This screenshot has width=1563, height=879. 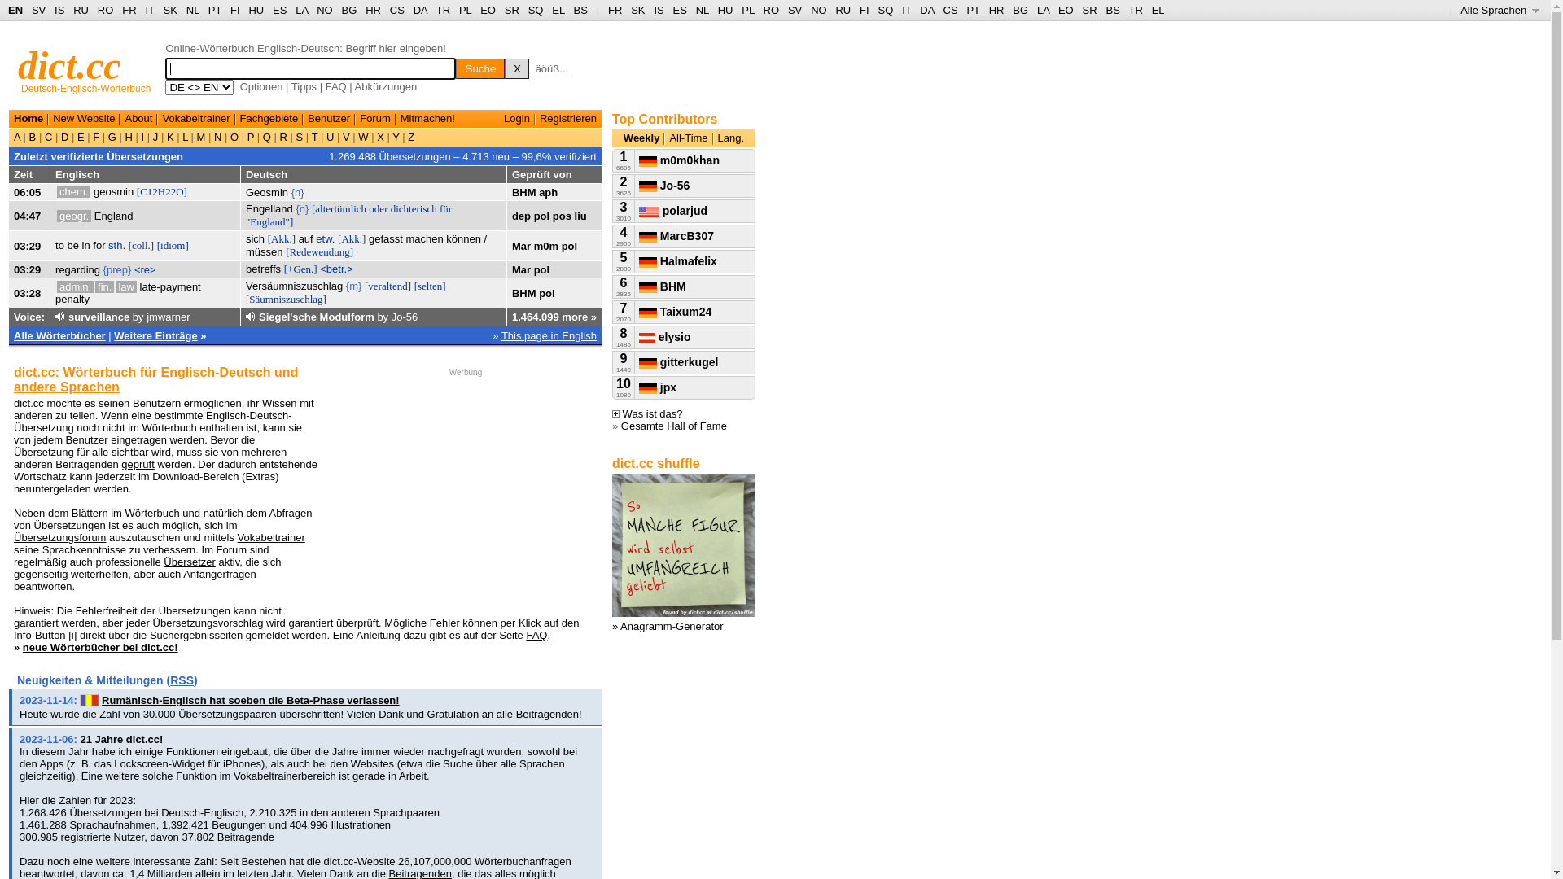 I want to click on 'SK', so click(x=170, y=10).